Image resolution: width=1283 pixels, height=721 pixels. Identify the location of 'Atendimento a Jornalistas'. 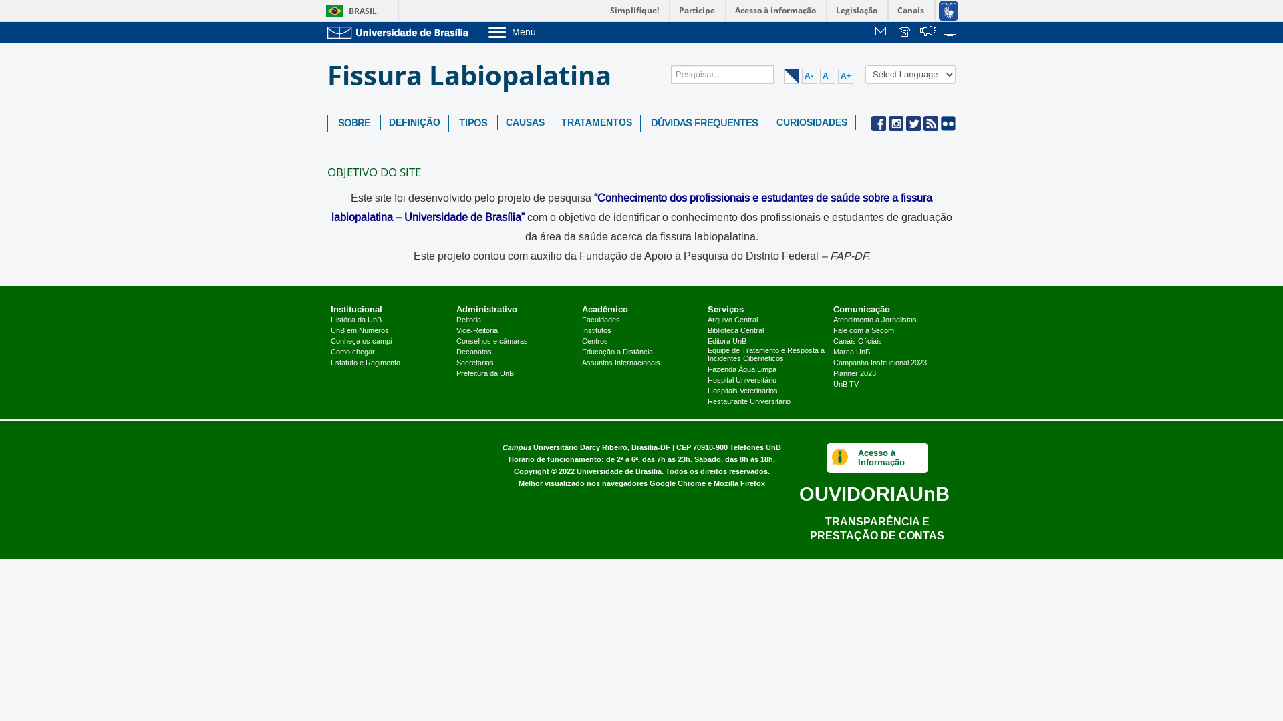
(875, 320).